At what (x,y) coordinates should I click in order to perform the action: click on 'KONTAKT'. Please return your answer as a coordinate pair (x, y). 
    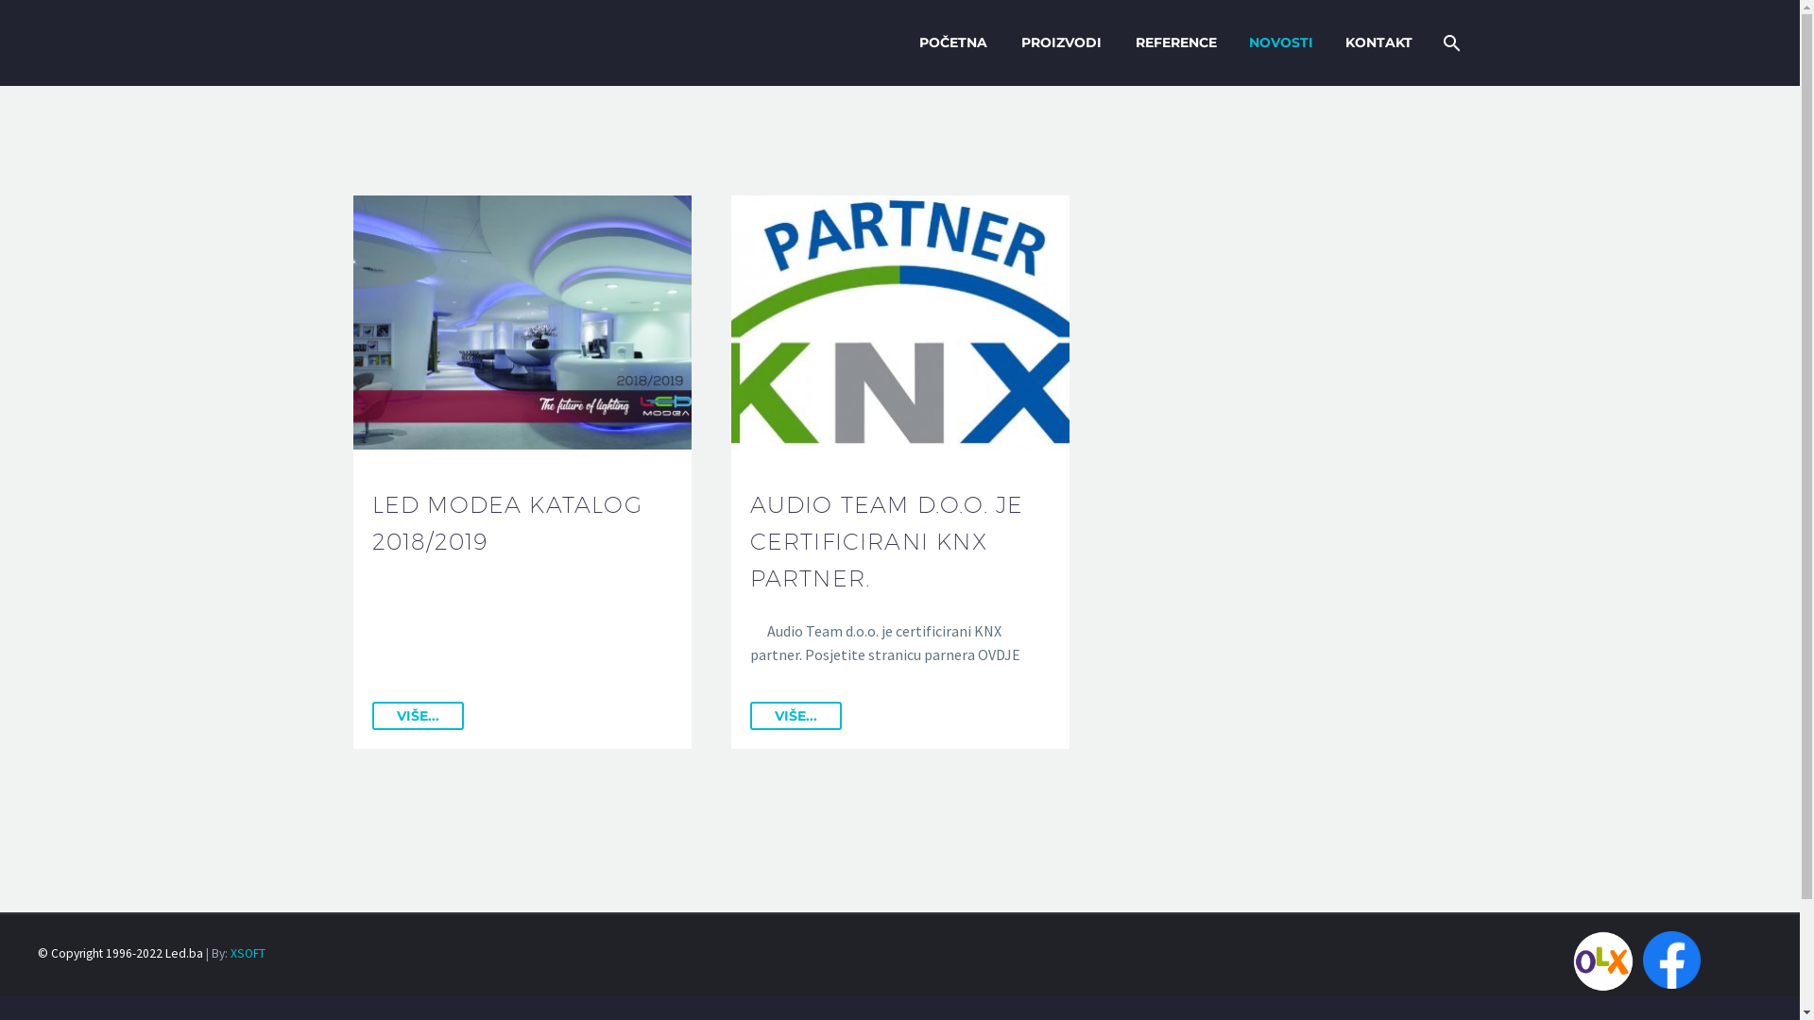
    Looking at the image, I should click on (1328, 42).